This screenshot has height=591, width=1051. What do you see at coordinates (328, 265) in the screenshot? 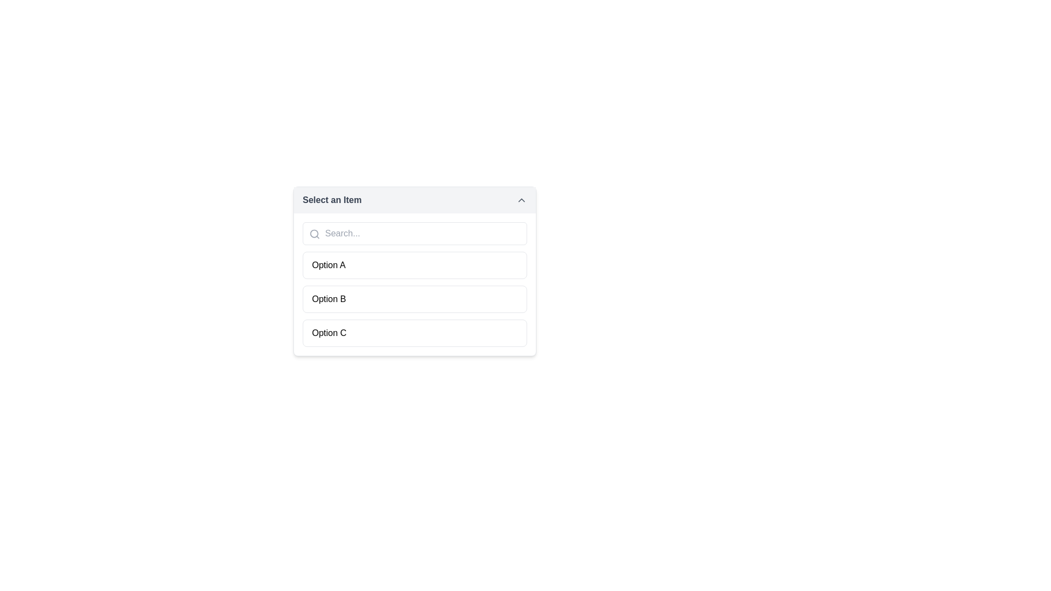
I see `on the text label 'Option A' which is the first entry in the dropdown list under the search bar titled 'Select an Item'` at bounding box center [328, 265].